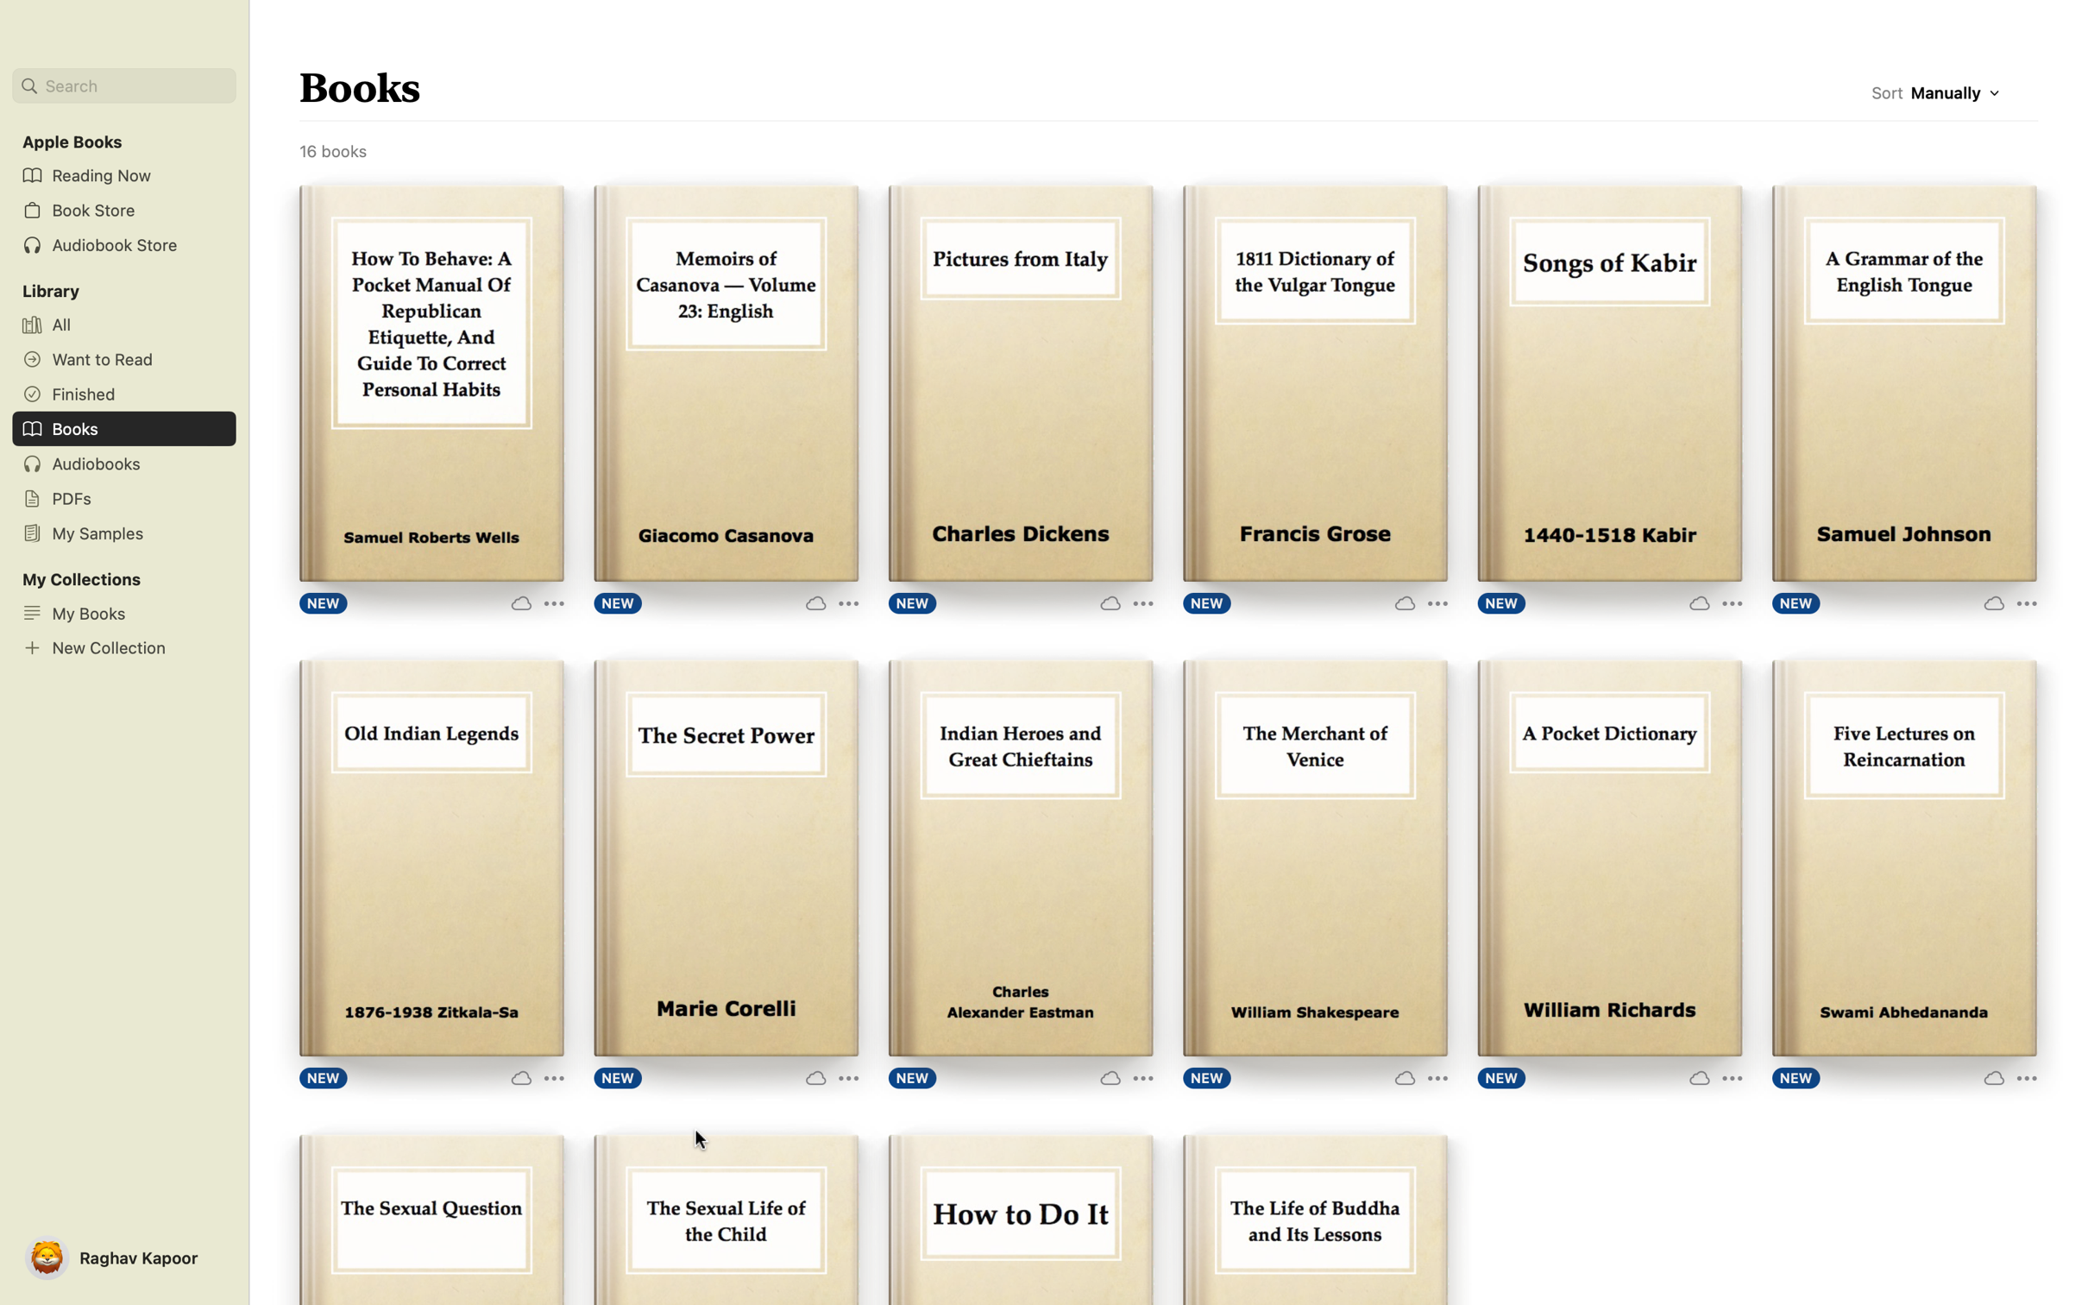  Describe the element at coordinates (1124, 1075) in the screenshot. I see `"More Options" for the listed book "Indian Heroes"` at that location.